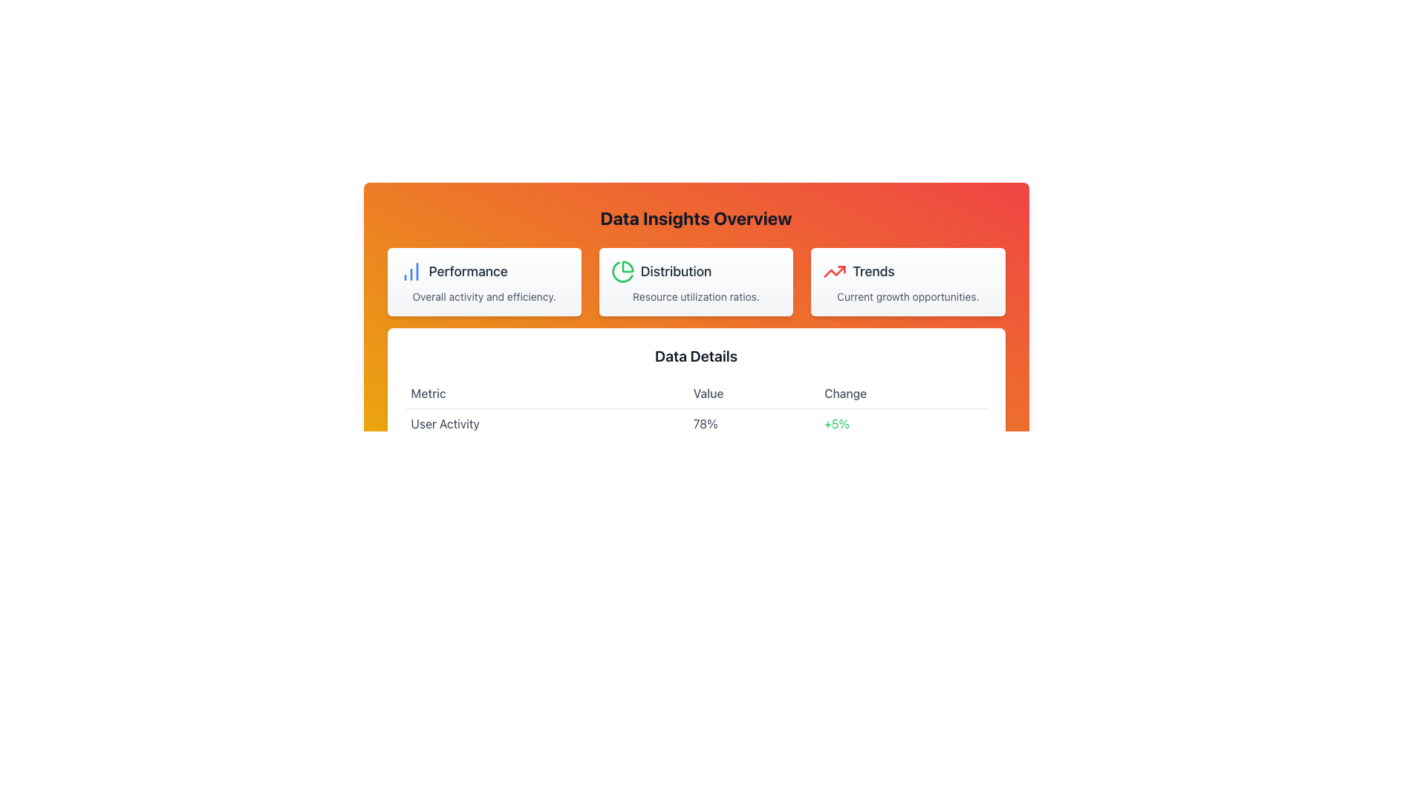 The width and height of the screenshot is (1426, 802). Describe the element at coordinates (675, 272) in the screenshot. I see `the text label displaying 'Distribution', which is bold and black, located in the middle card of a triad, to the right of a green pie chart icon` at that location.